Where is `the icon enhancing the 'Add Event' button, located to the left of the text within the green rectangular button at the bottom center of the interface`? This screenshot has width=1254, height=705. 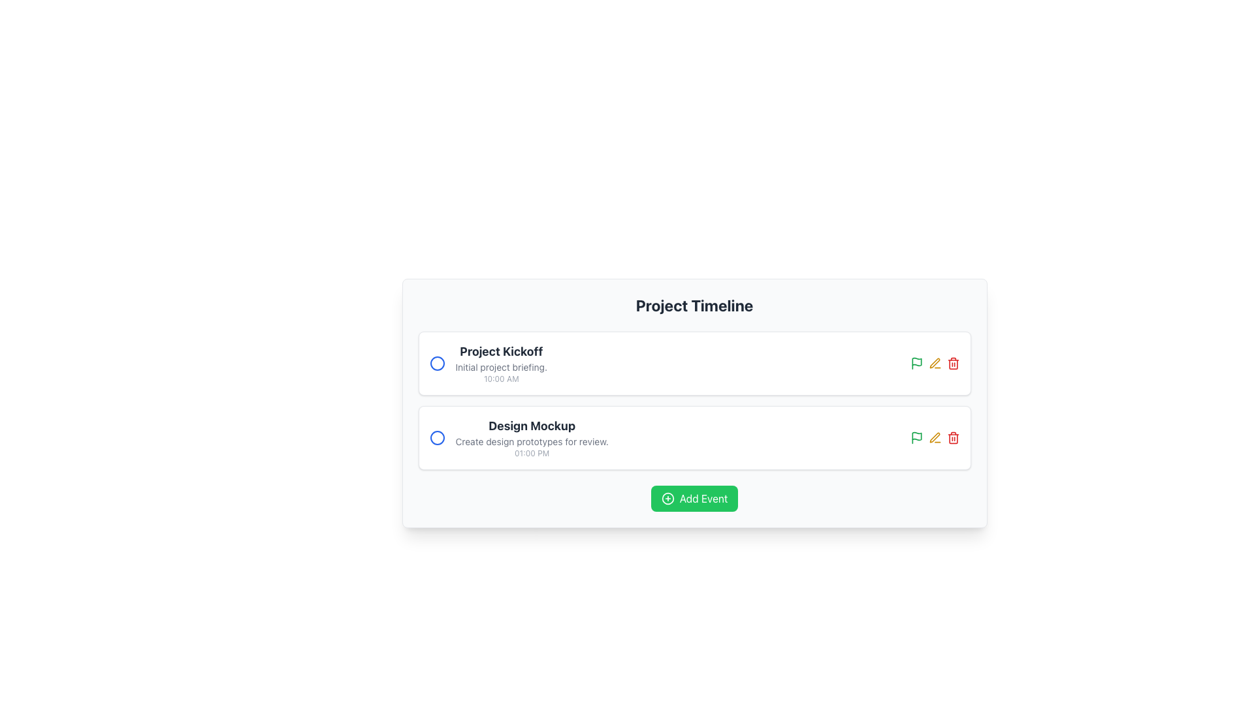 the icon enhancing the 'Add Event' button, located to the left of the text within the green rectangular button at the bottom center of the interface is located at coordinates (667, 498).